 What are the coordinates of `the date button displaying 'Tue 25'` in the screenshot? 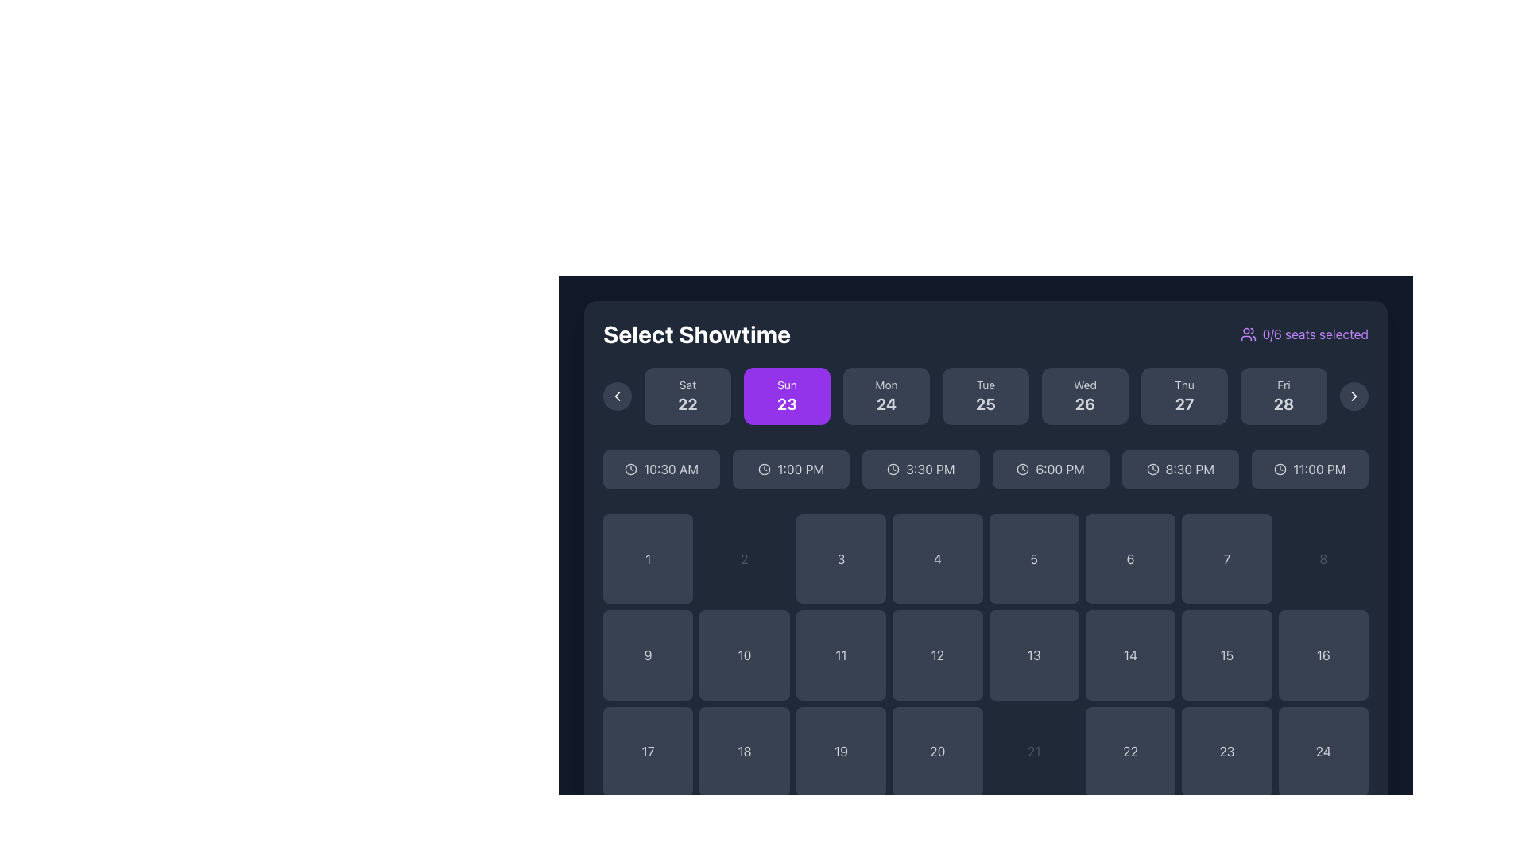 It's located at (985, 395).